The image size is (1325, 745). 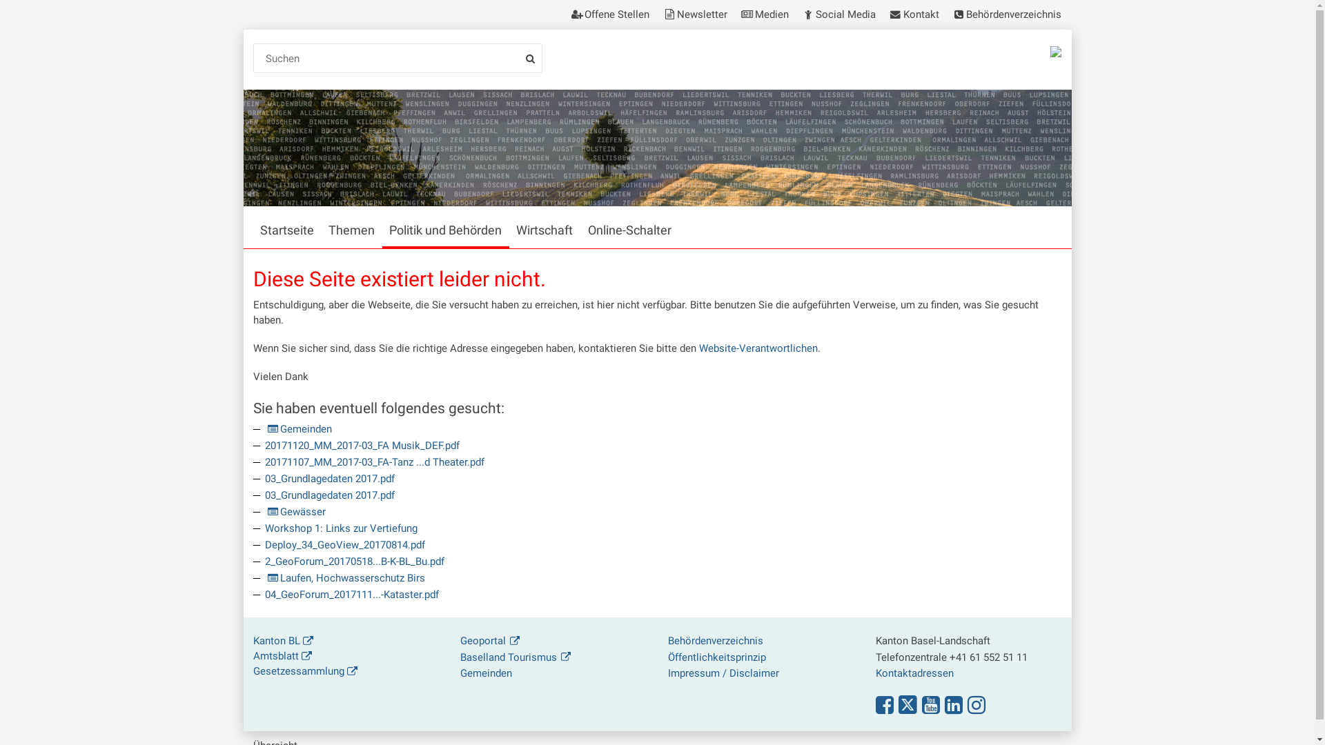 What do you see at coordinates (320, 226) in the screenshot?
I see `'Themen'` at bounding box center [320, 226].